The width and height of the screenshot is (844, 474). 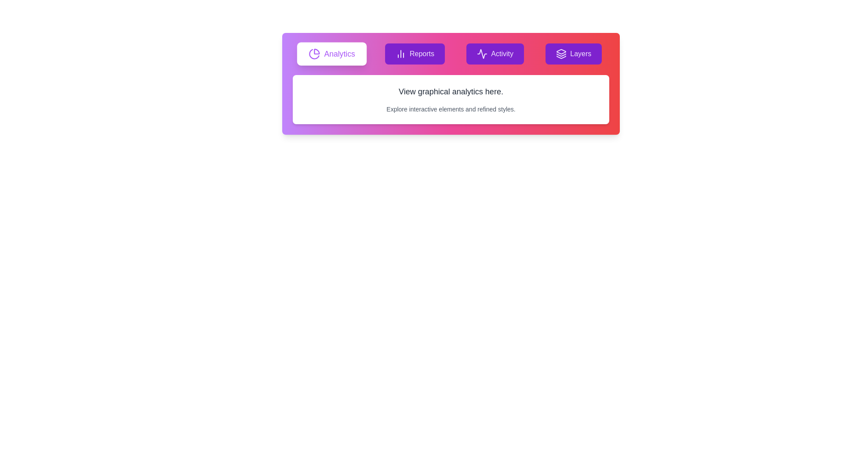 What do you see at coordinates (331, 54) in the screenshot?
I see `the tab labeled Analytics` at bounding box center [331, 54].